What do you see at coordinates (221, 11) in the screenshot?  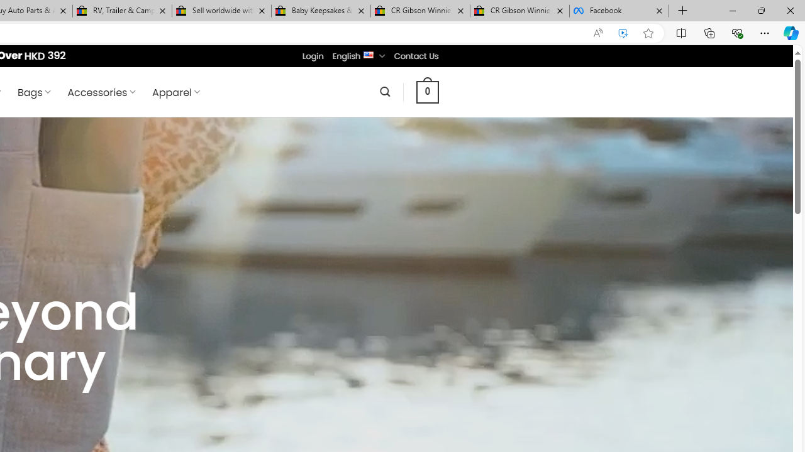 I see `'Sell worldwide with eBay'` at bounding box center [221, 11].